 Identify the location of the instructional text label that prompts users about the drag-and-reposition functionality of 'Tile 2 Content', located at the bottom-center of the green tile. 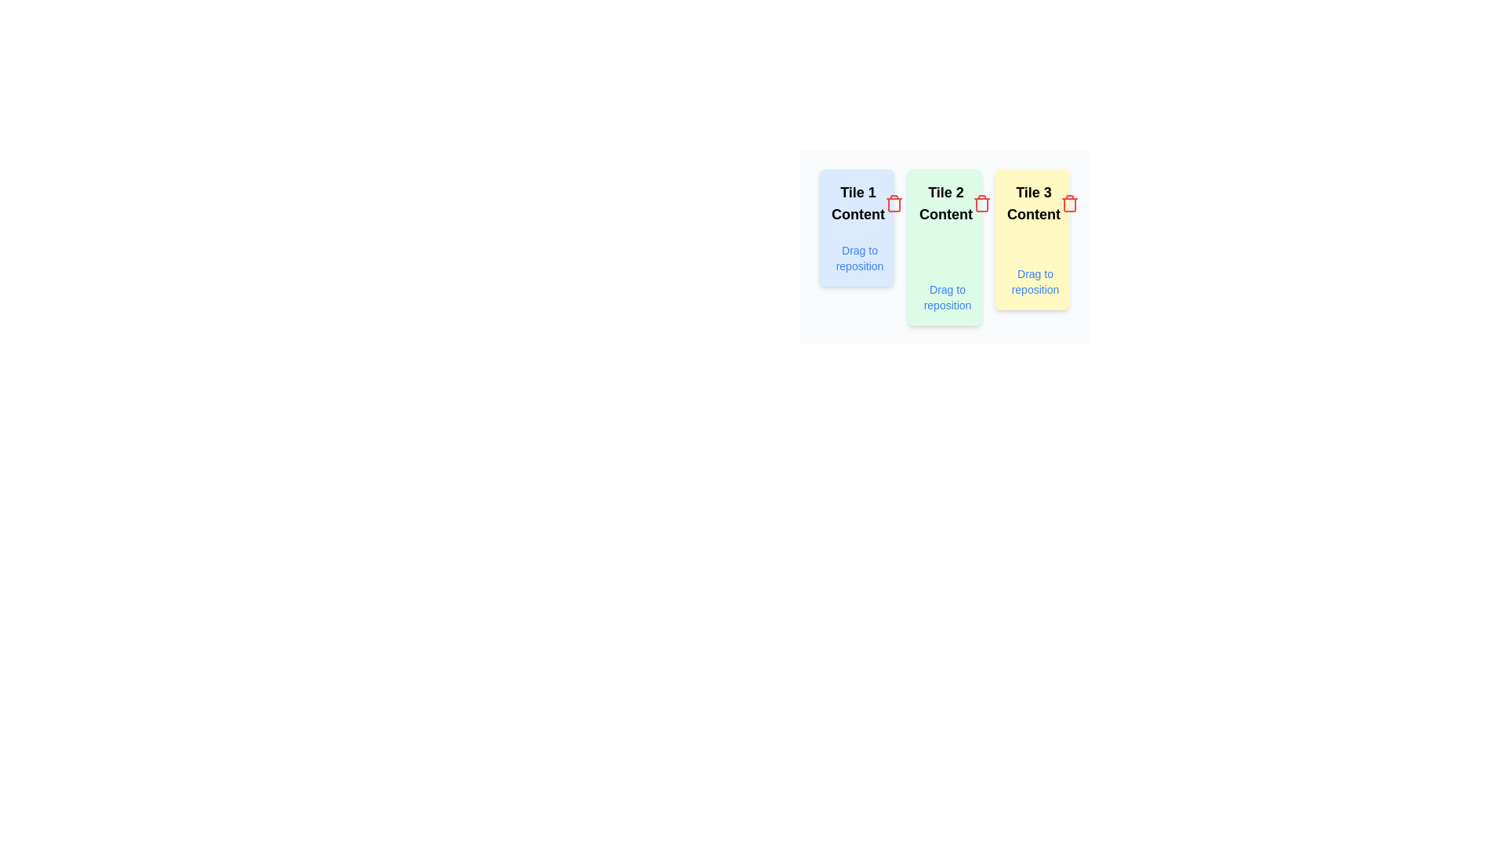
(947, 298).